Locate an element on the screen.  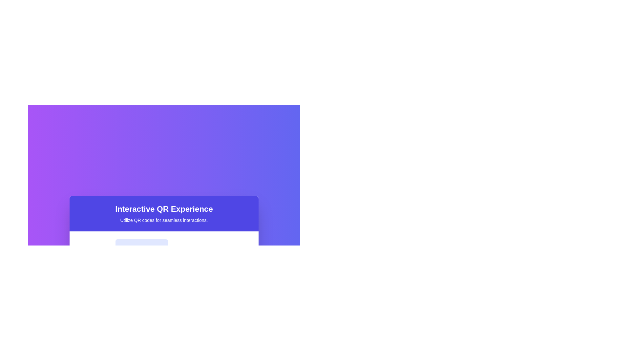
the title text block that introduces the section's content related to QR code experiences, located within a blue box at the center of a purple gradient background is located at coordinates (164, 209).